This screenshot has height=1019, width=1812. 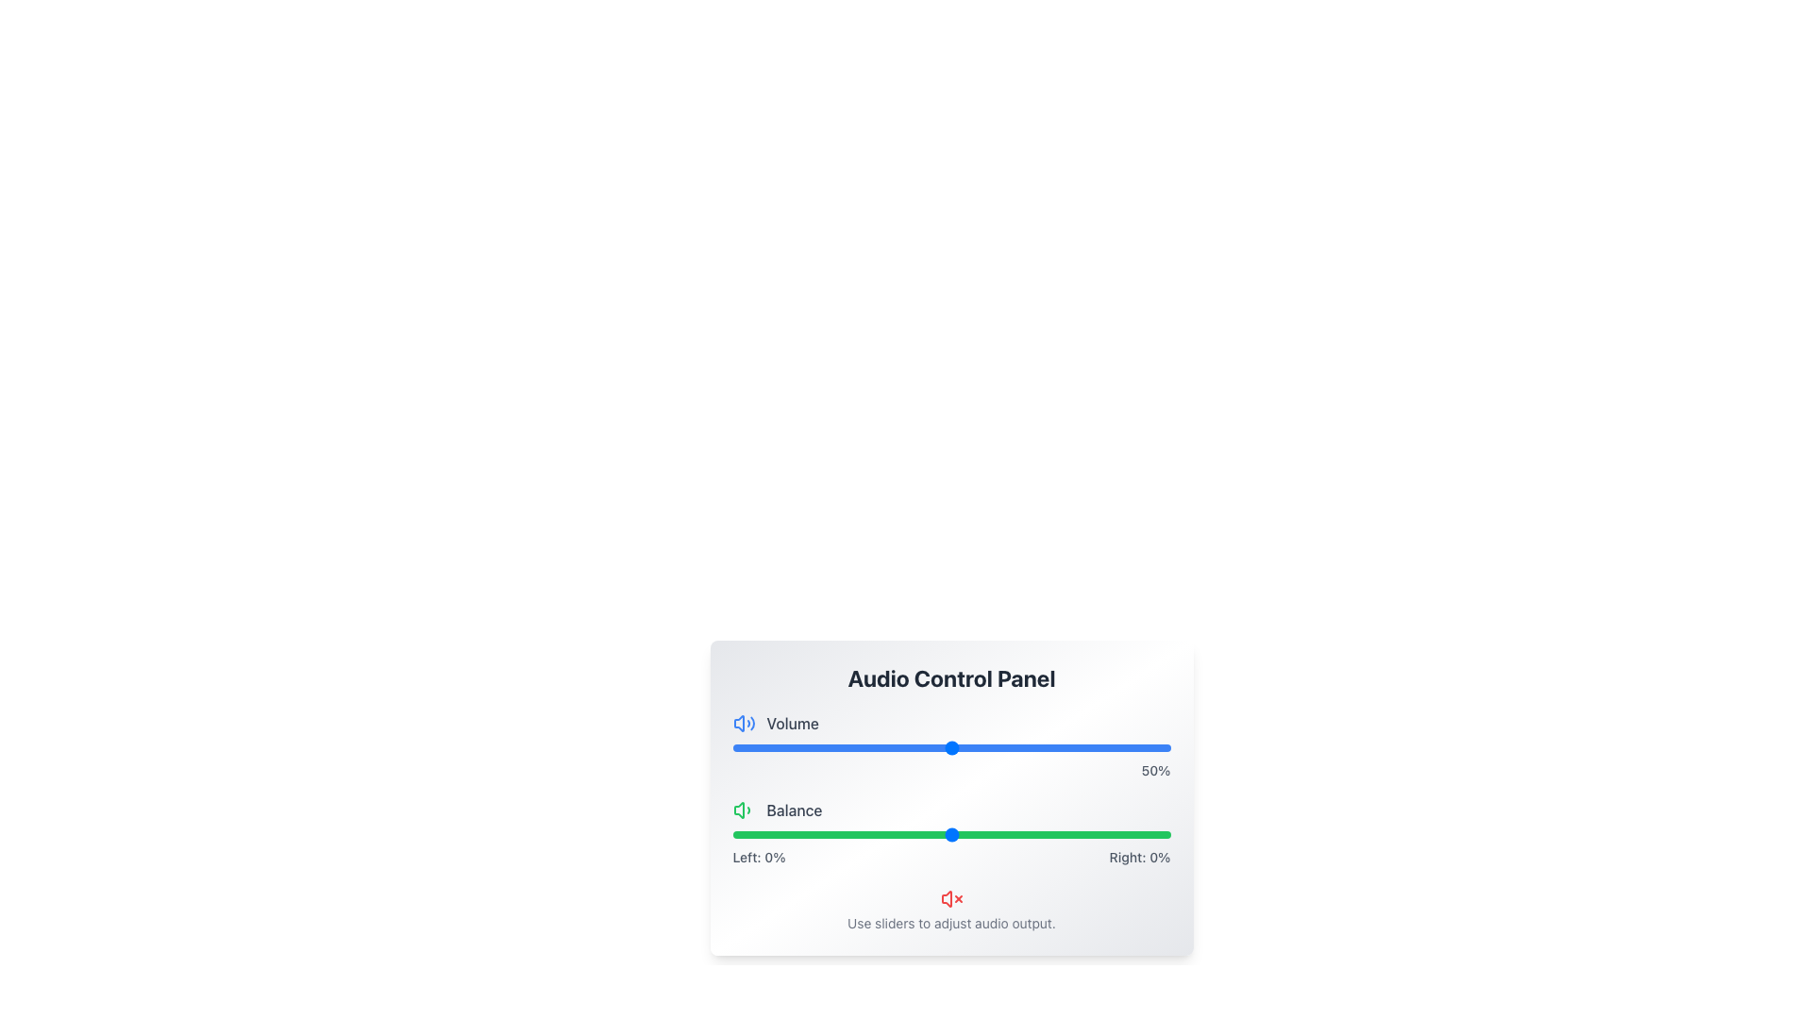 What do you see at coordinates (951, 833) in the screenshot?
I see `balance` at bounding box center [951, 833].